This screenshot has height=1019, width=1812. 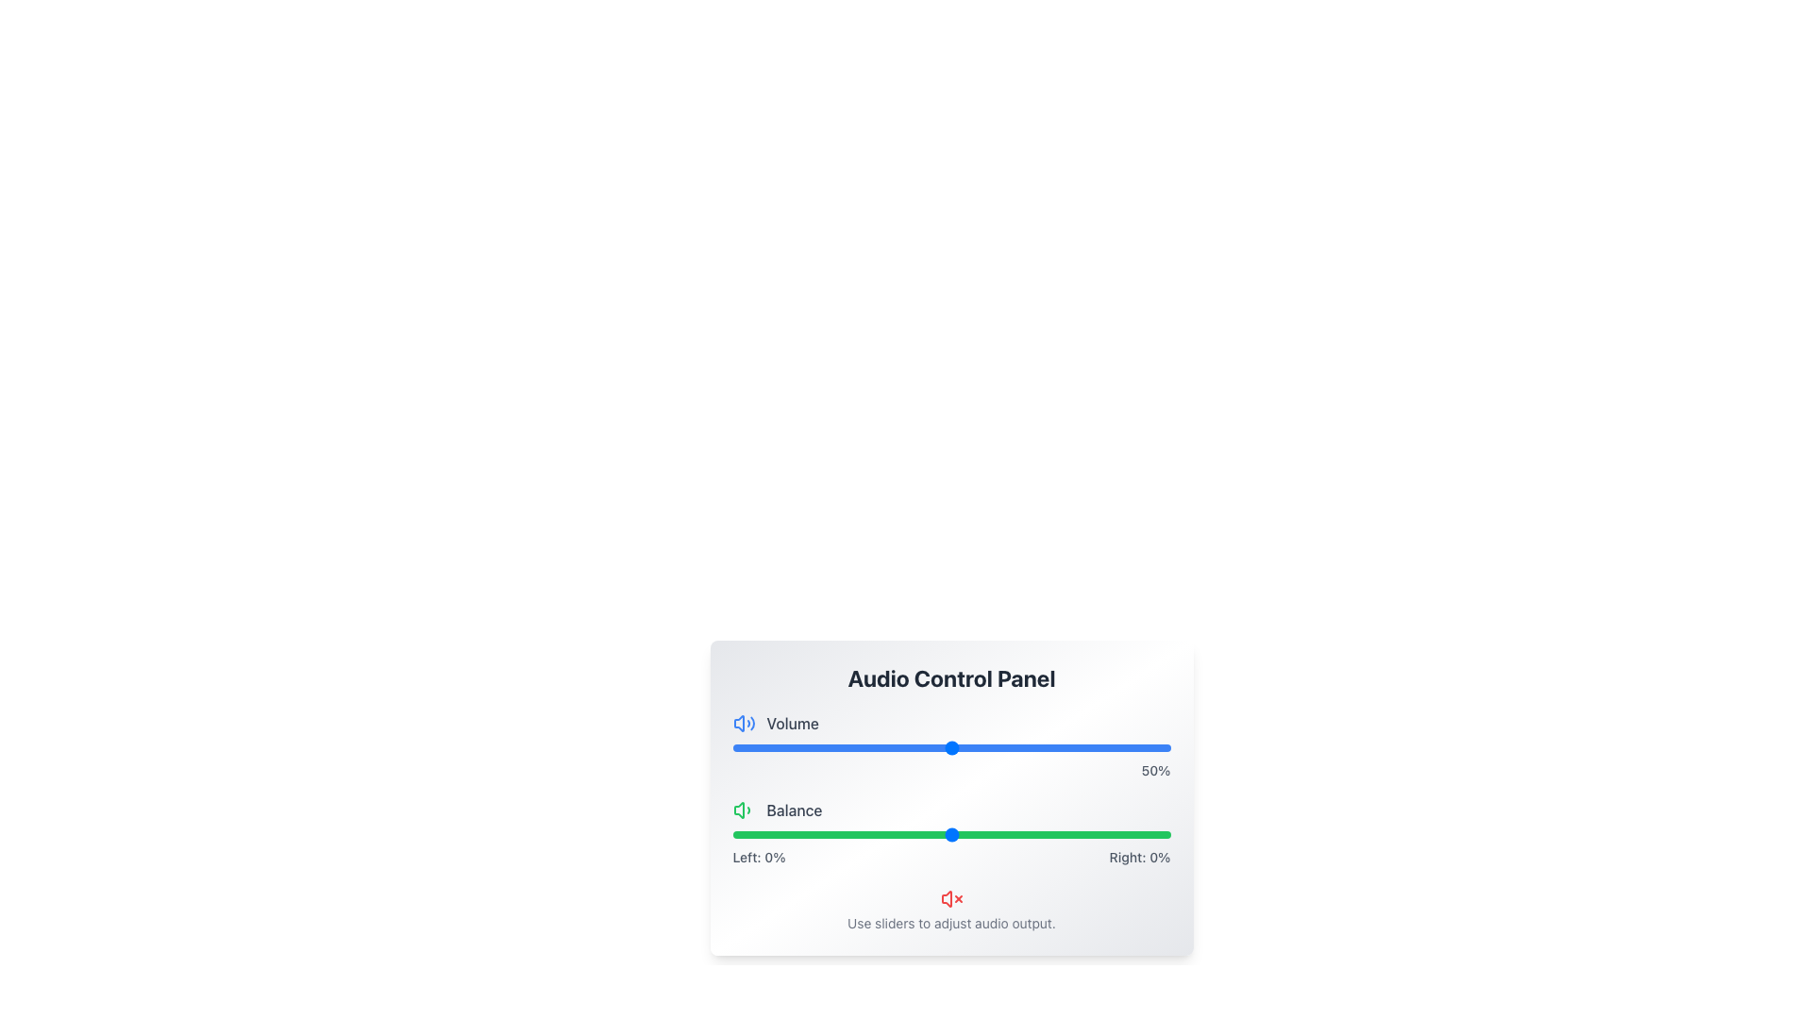 What do you see at coordinates (951, 833) in the screenshot?
I see `balance` at bounding box center [951, 833].